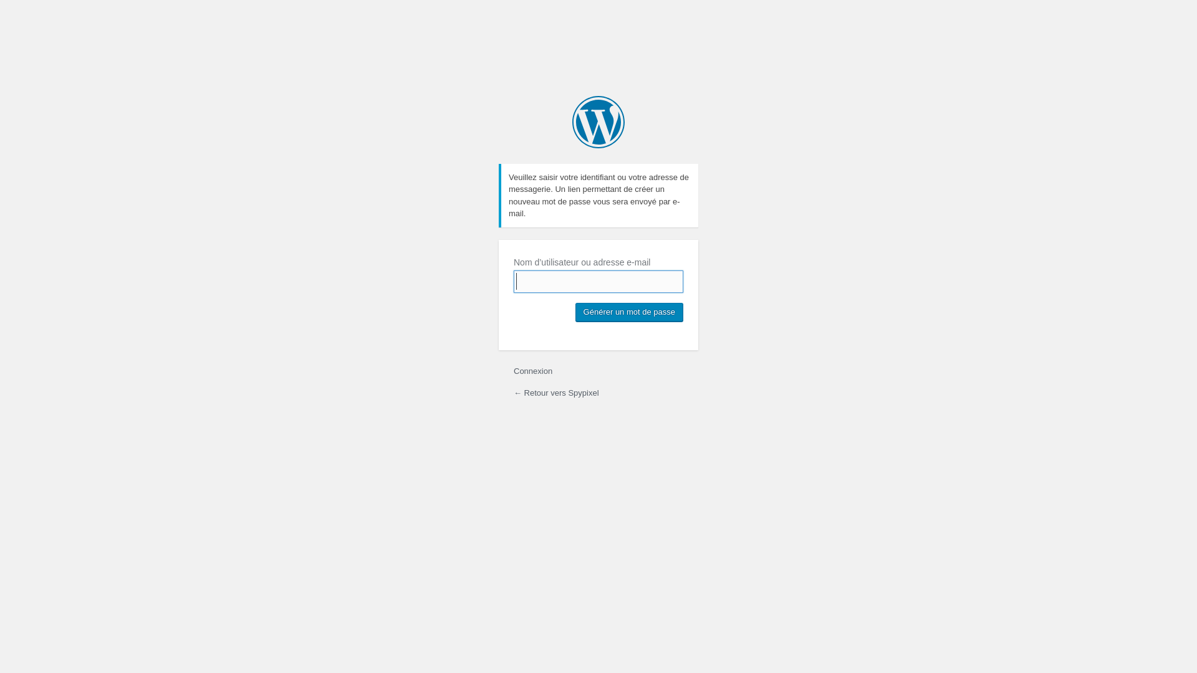  What do you see at coordinates (532, 370) in the screenshot?
I see `'Connexion'` at bounding box center [532, 370].